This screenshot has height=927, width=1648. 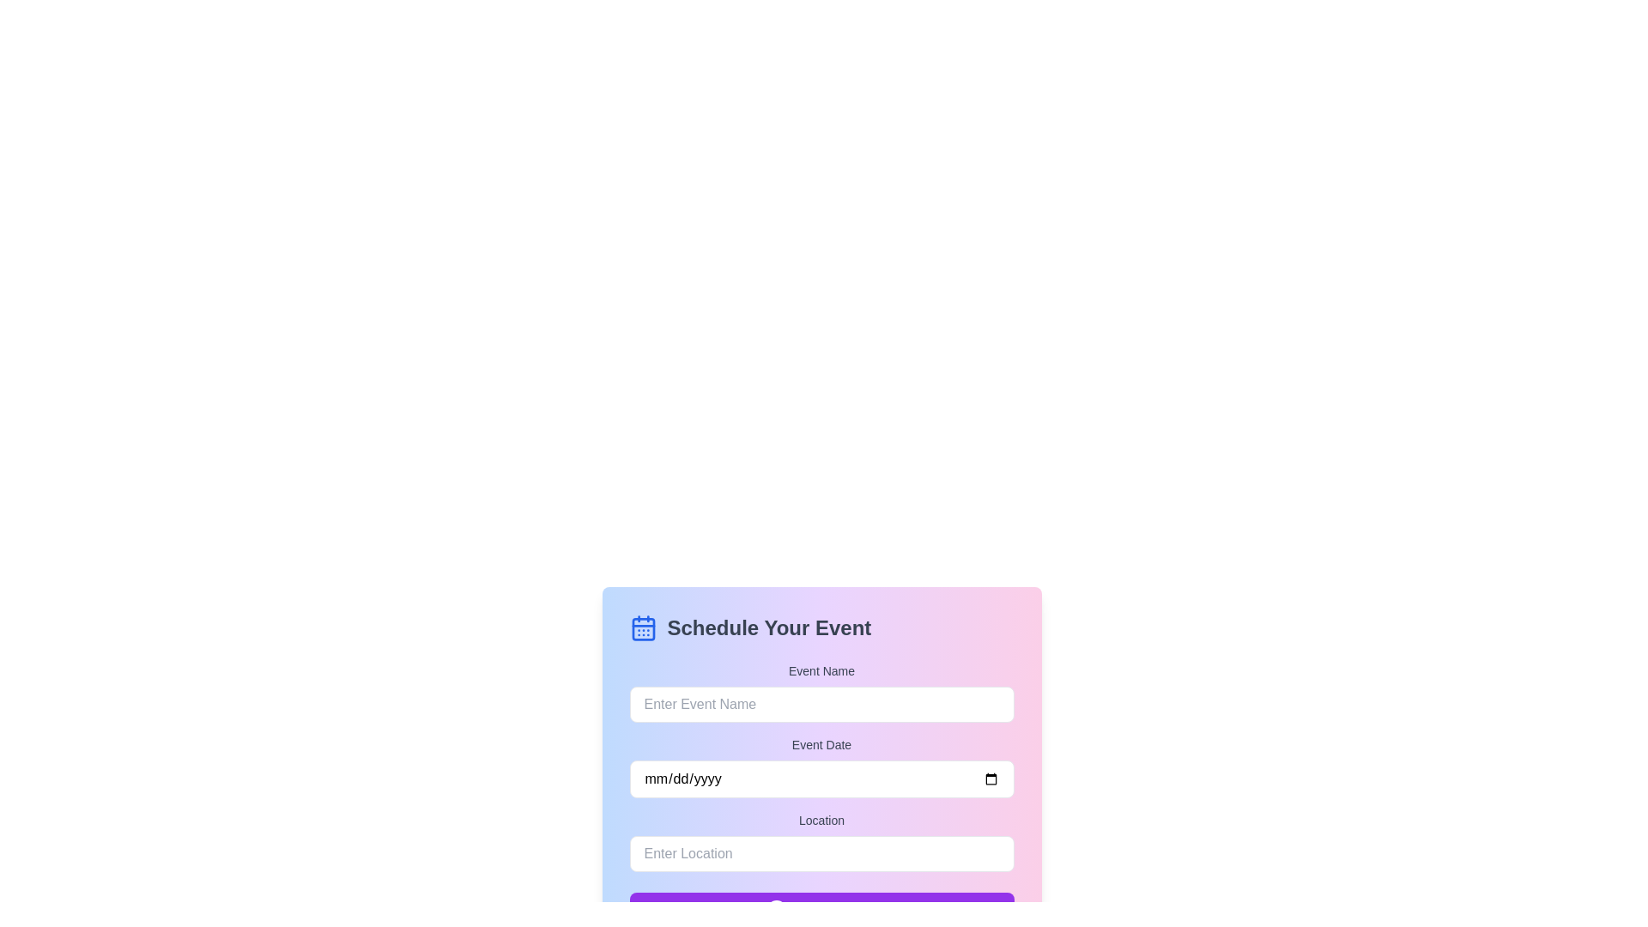 I want to click on the label that indicates the purpose of the text input field for entering the name of the event, which is located above the input field with placeholder text 'Enter Event Name', so click(x=821, y=670).